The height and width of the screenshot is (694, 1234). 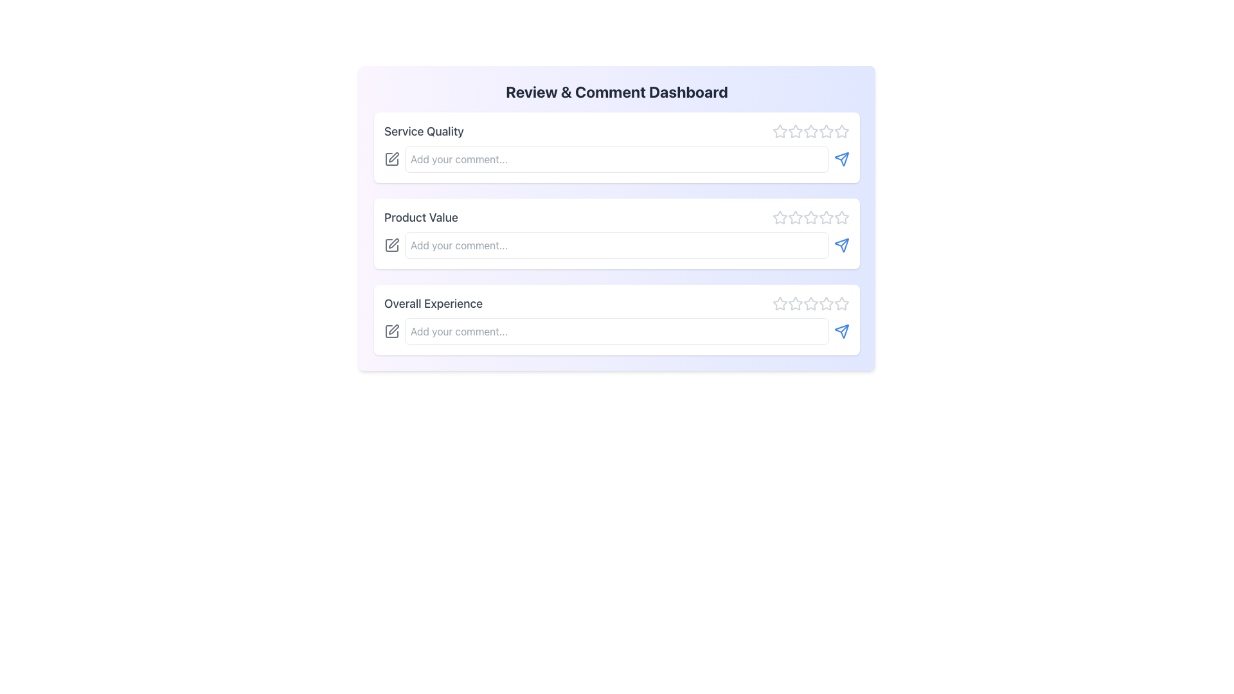 What do you see at coordinates (433, 304) in the screenshot?
I see `the 'Overall Experience' text label, which is the third label in a vertical sequence under the 'Review & Comment Dashboard.'` at bounding box center [433, 304].